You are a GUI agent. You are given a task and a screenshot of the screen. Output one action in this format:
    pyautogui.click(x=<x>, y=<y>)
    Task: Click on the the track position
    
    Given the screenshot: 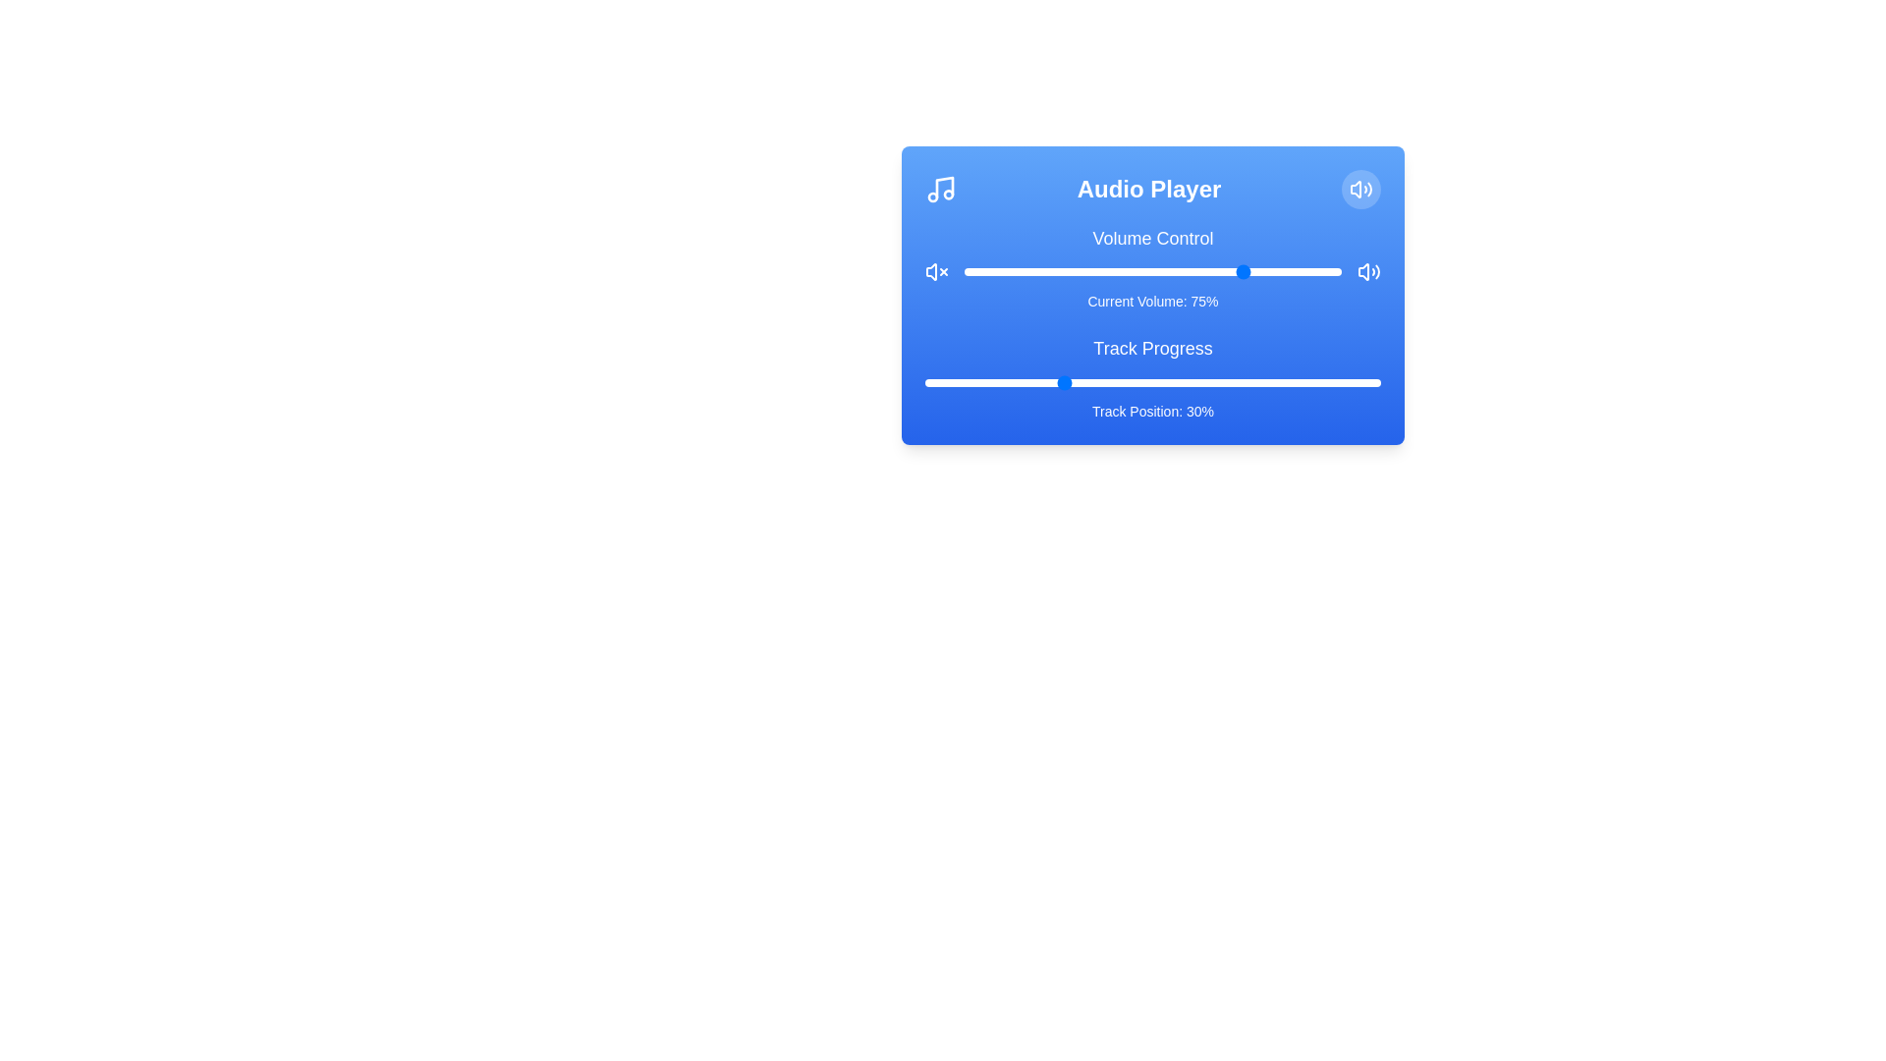 What is the action you would take?
    pyautogui.click(x=1299, y=382)
    